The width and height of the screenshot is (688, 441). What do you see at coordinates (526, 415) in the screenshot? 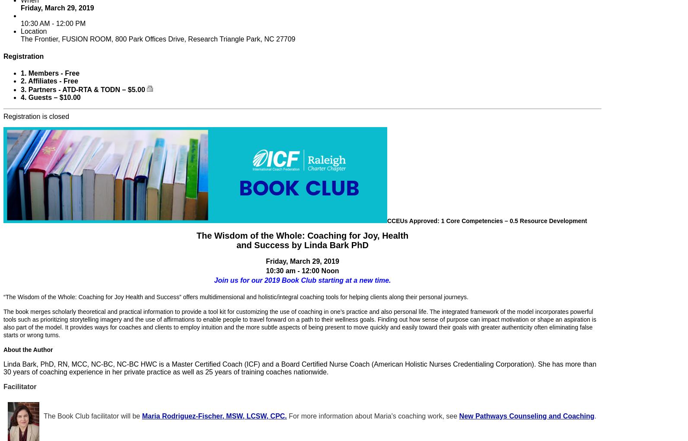
I see `'New Pathways Counseling and Coaching'` at bounding box center [526, 415].